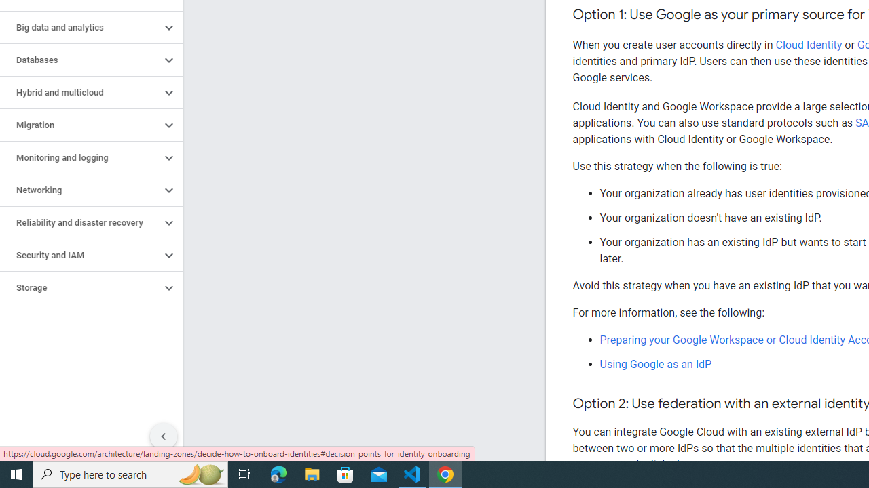  I want to click on 'Migration', so click(79, 125).